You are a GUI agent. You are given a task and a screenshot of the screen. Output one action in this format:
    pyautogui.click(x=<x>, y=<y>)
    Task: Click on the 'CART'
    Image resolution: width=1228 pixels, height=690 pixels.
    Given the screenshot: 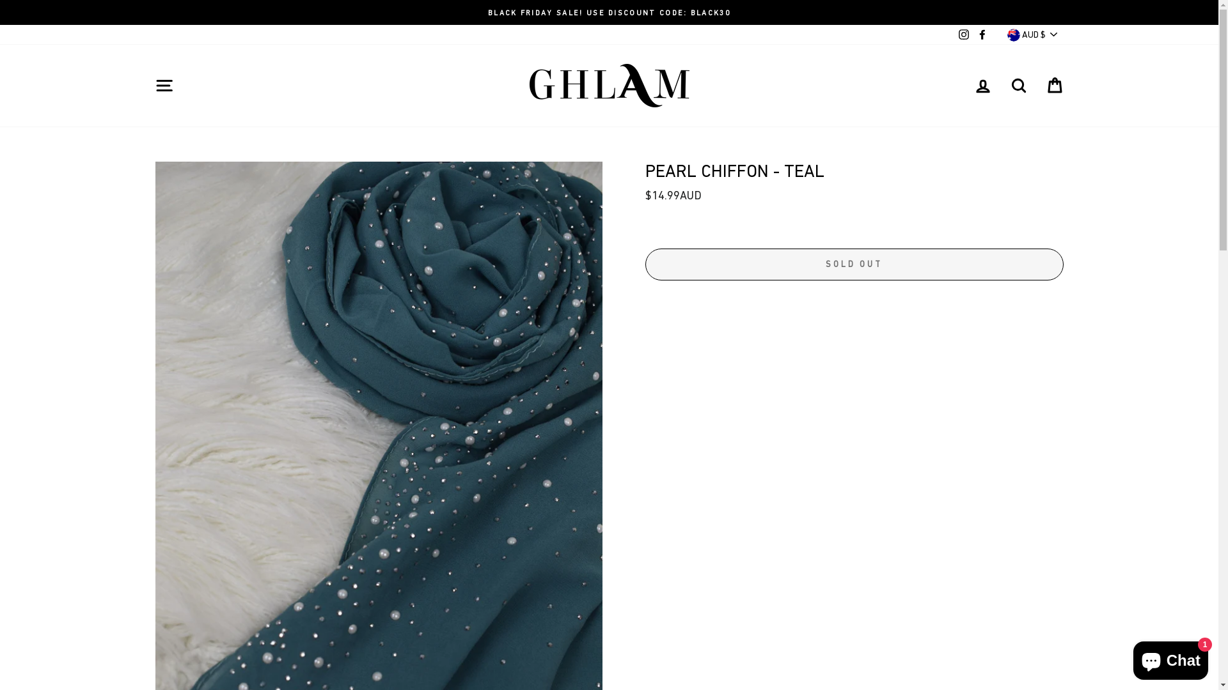 What is the action you would take?
    pyautogui.click(x=1053, y=85)
    